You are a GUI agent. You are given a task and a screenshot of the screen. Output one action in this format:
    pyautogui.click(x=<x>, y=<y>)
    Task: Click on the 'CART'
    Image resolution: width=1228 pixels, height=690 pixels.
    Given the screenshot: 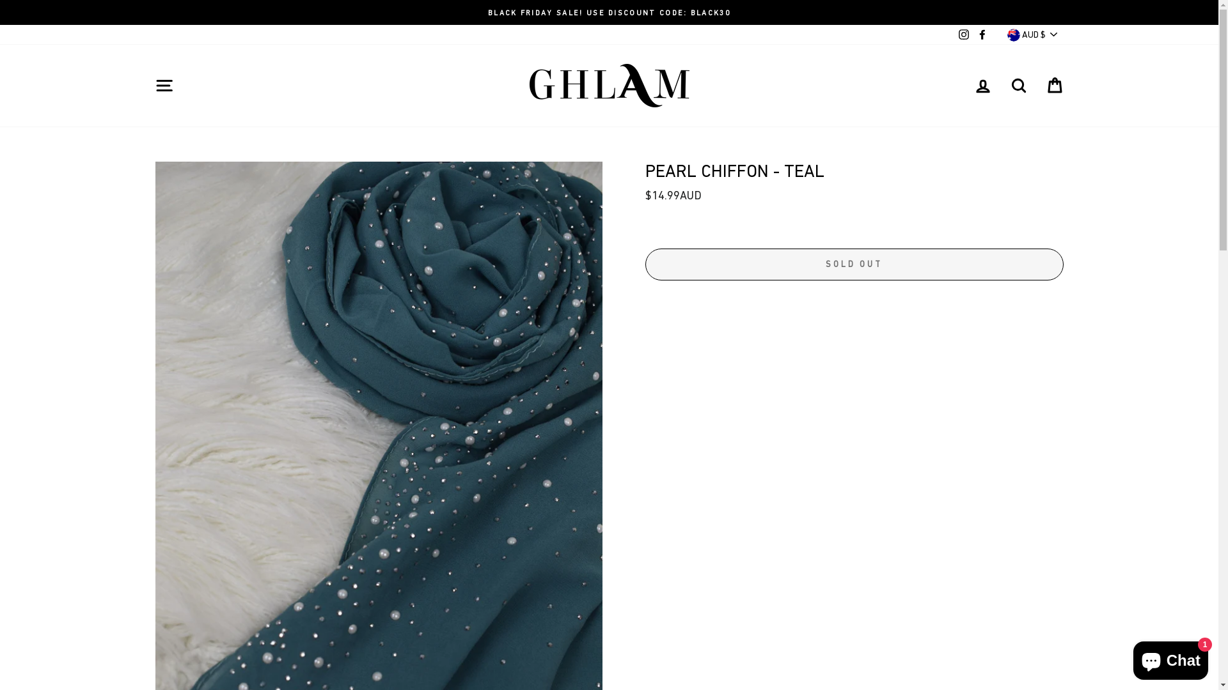 What is the action you would take?
    pyautogui.click(x=1053, y=85)
    